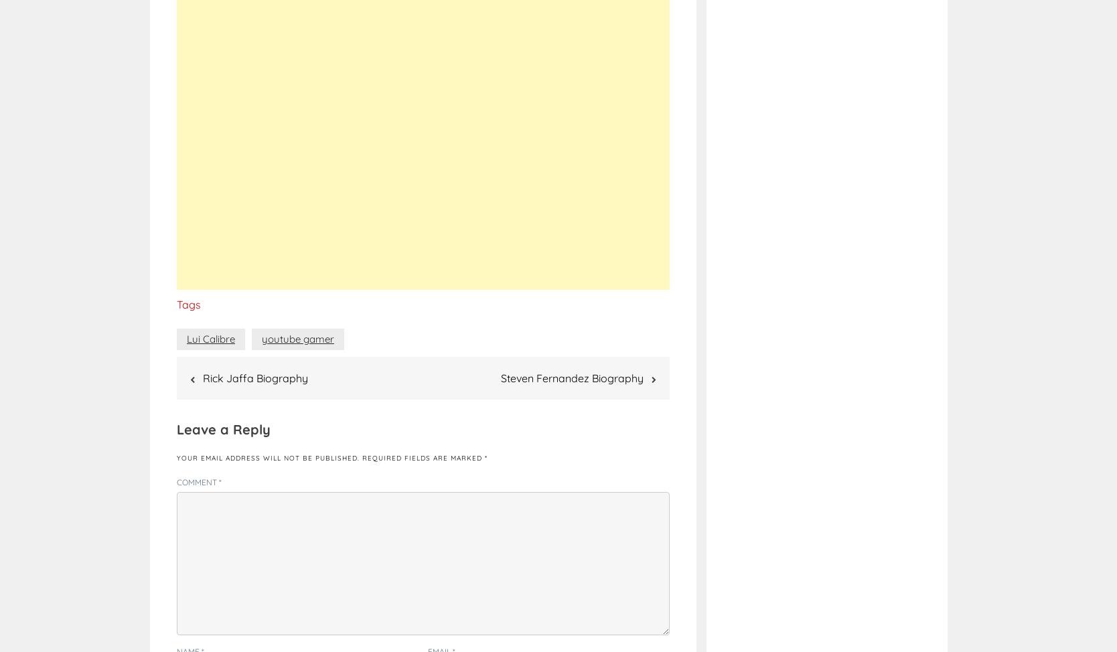 This screenshot has height=652, width=1117. I want to click on 'Lui Calibre', so click(187, 338).